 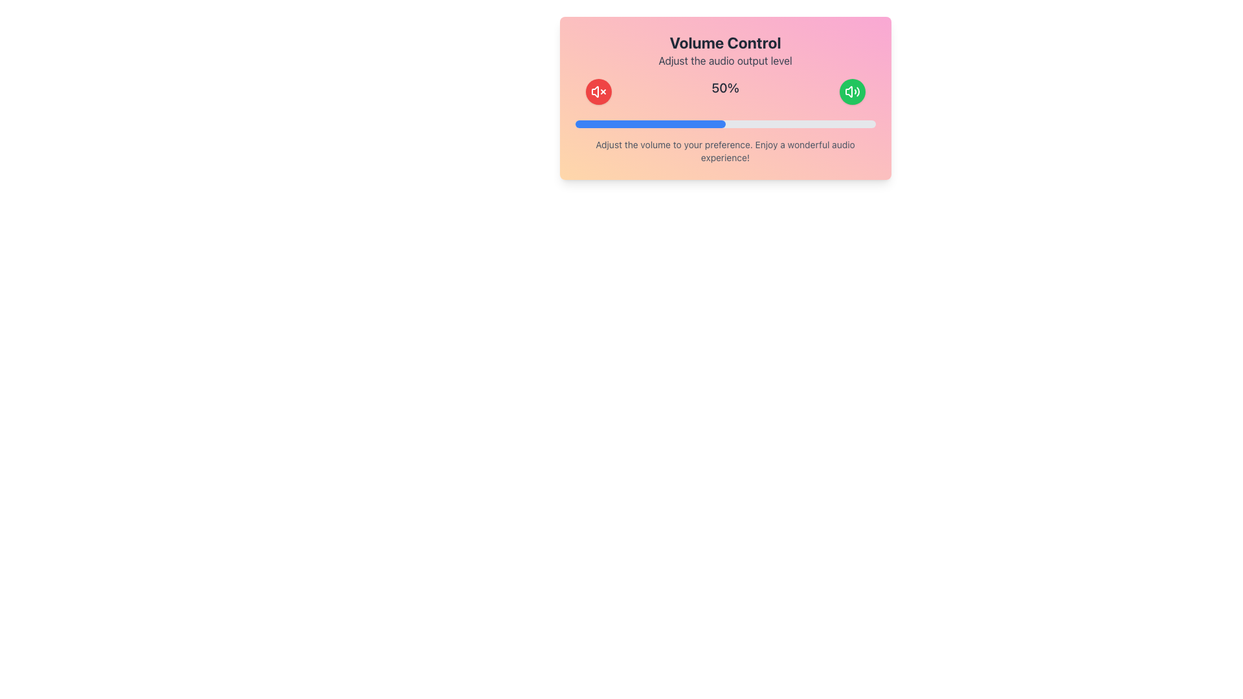 What do you see at coordinates (725, 60) in the screenshot?
I see `the text label that reads 'Adjust the audio output level', which is styled in gray font and positioned below the 'Volume Control' header` at bounding box center [725, 60].